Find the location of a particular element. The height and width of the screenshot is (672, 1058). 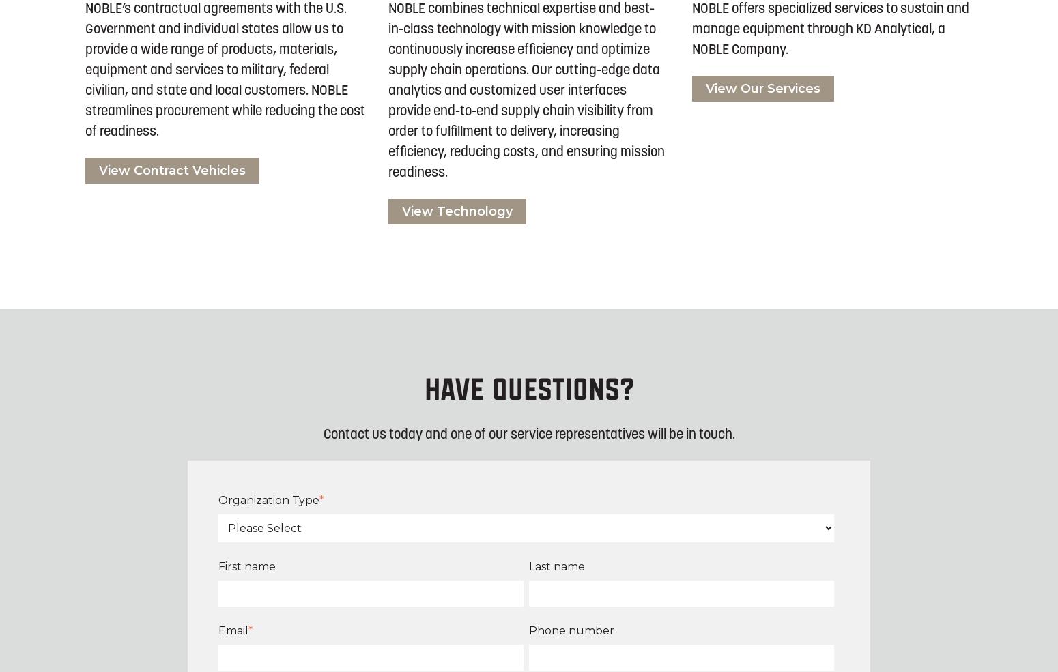

'Contact us today and one of our service representatives will be in touch.' is located at coordinates (528, 433).